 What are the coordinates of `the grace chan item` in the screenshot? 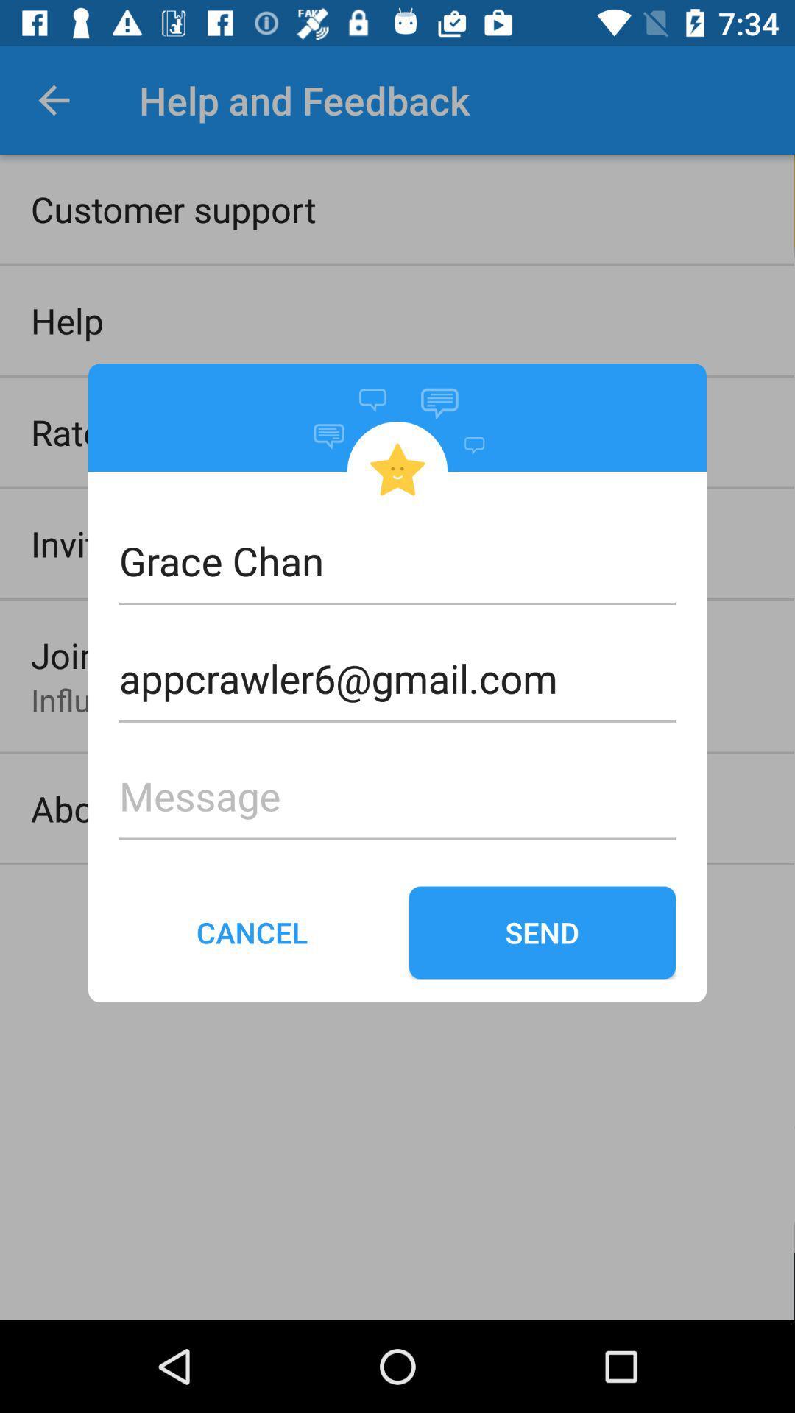 It's located at (397, 559).